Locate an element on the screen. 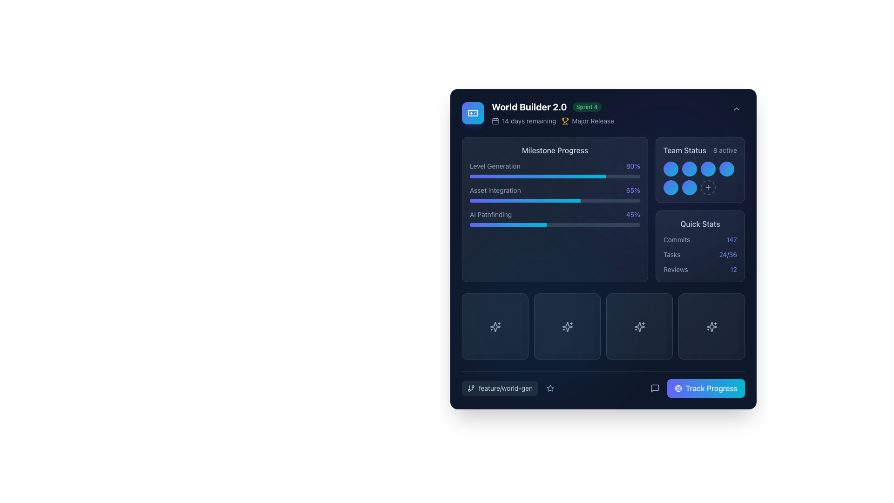 The height and width of the screenshot is (503, 894). the calendar icon located in the header section near the title 'World Builder 2.0' is located at coordinates (495, 120).